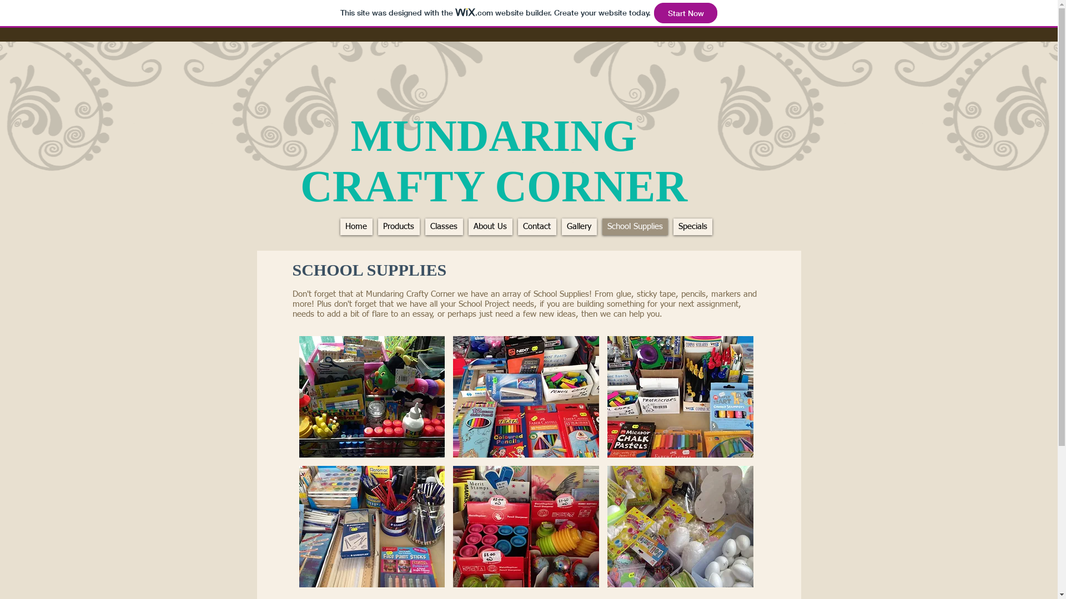  Describe the element at coordinates (536, 226) in the screenshot. I see `'Contact'` at that location.